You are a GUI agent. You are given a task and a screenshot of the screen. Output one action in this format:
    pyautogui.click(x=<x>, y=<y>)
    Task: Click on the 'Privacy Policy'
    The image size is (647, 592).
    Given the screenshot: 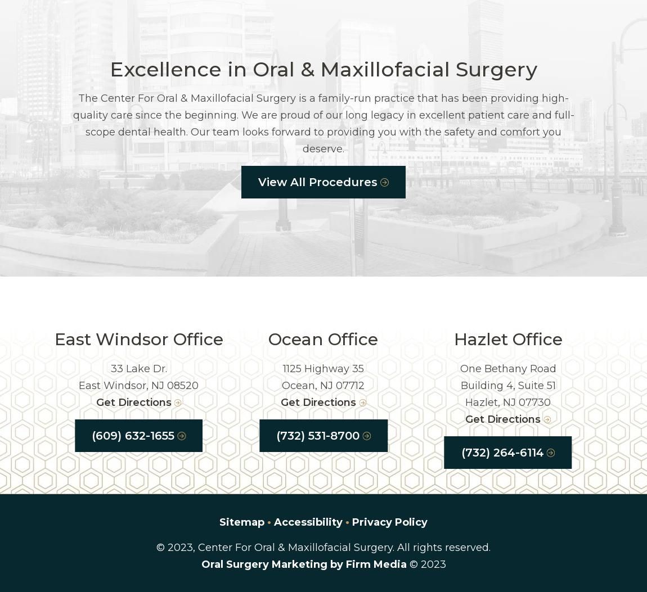 What is the action you would take?
    pyautogui.click(x=389, y=521)
    